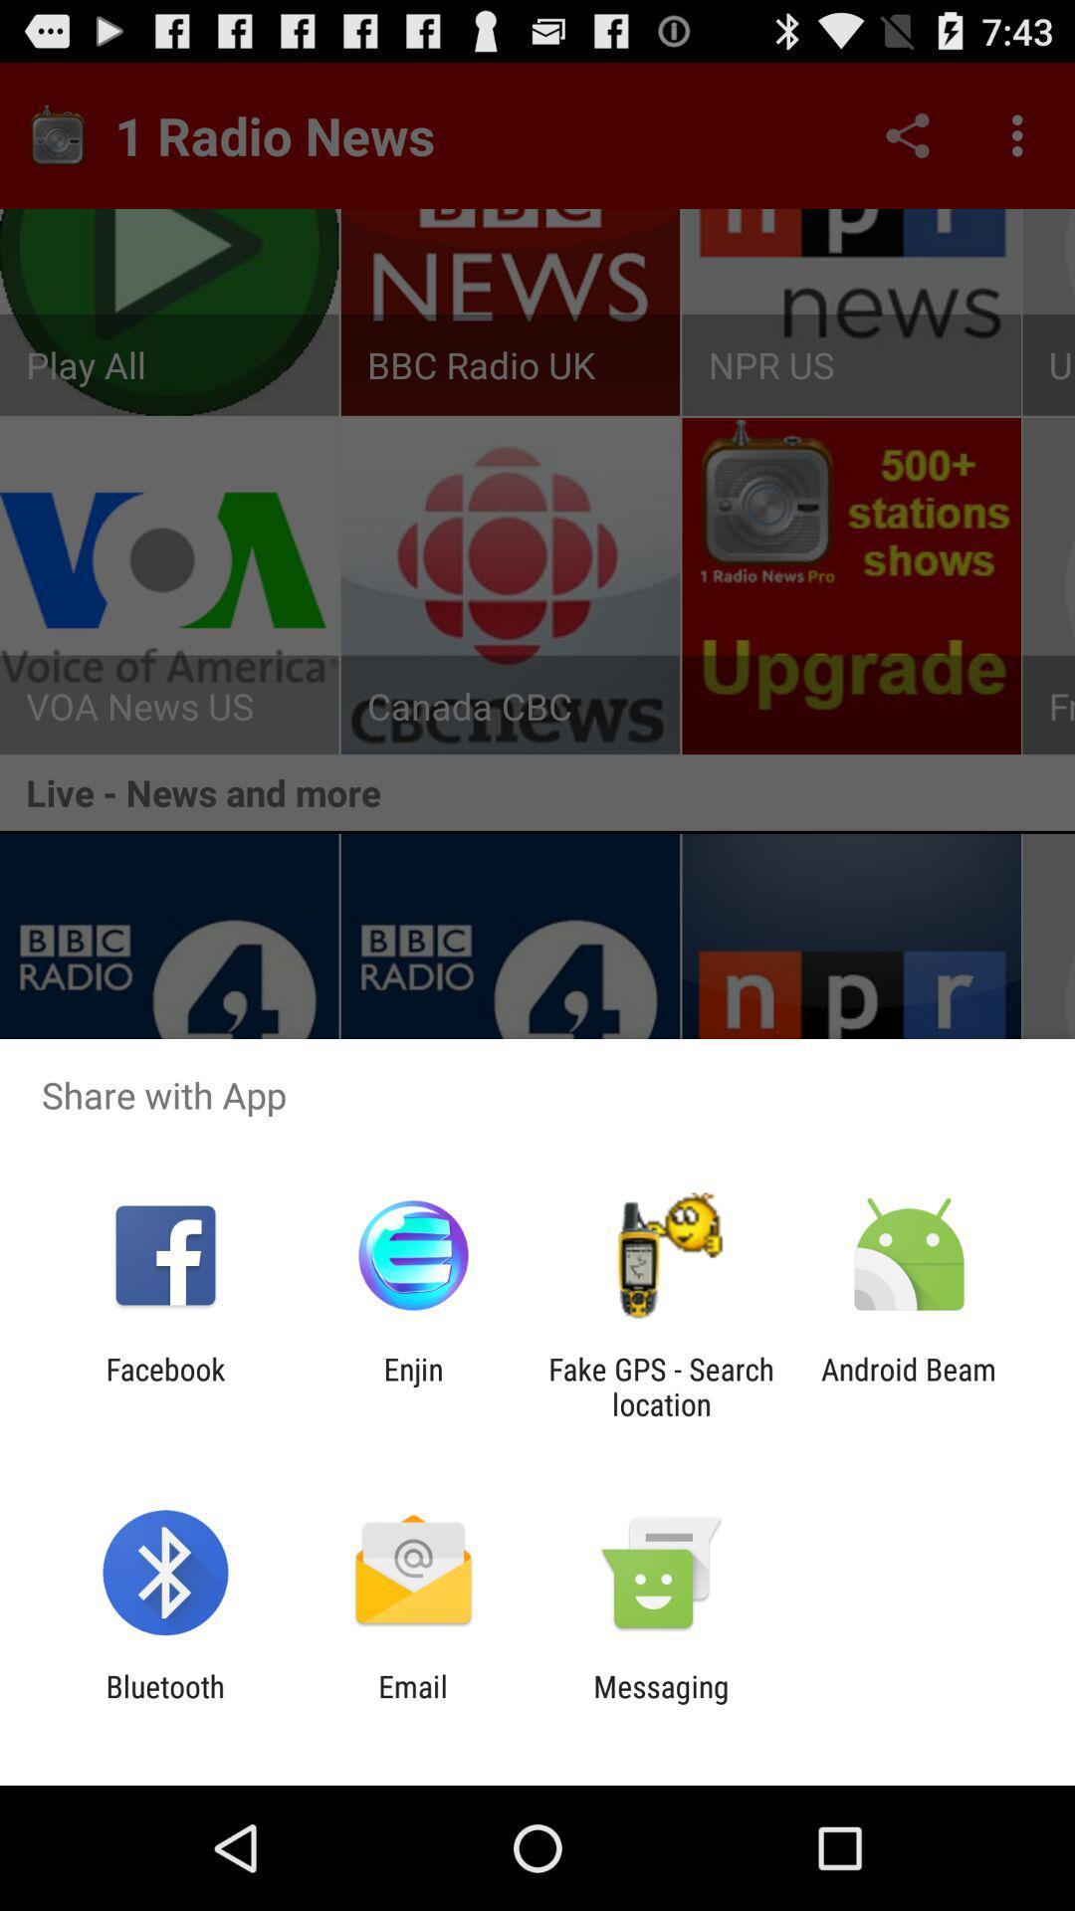 The image size is (1075, 1911). I want to click on the bluetooth app, so click(164, 1703).